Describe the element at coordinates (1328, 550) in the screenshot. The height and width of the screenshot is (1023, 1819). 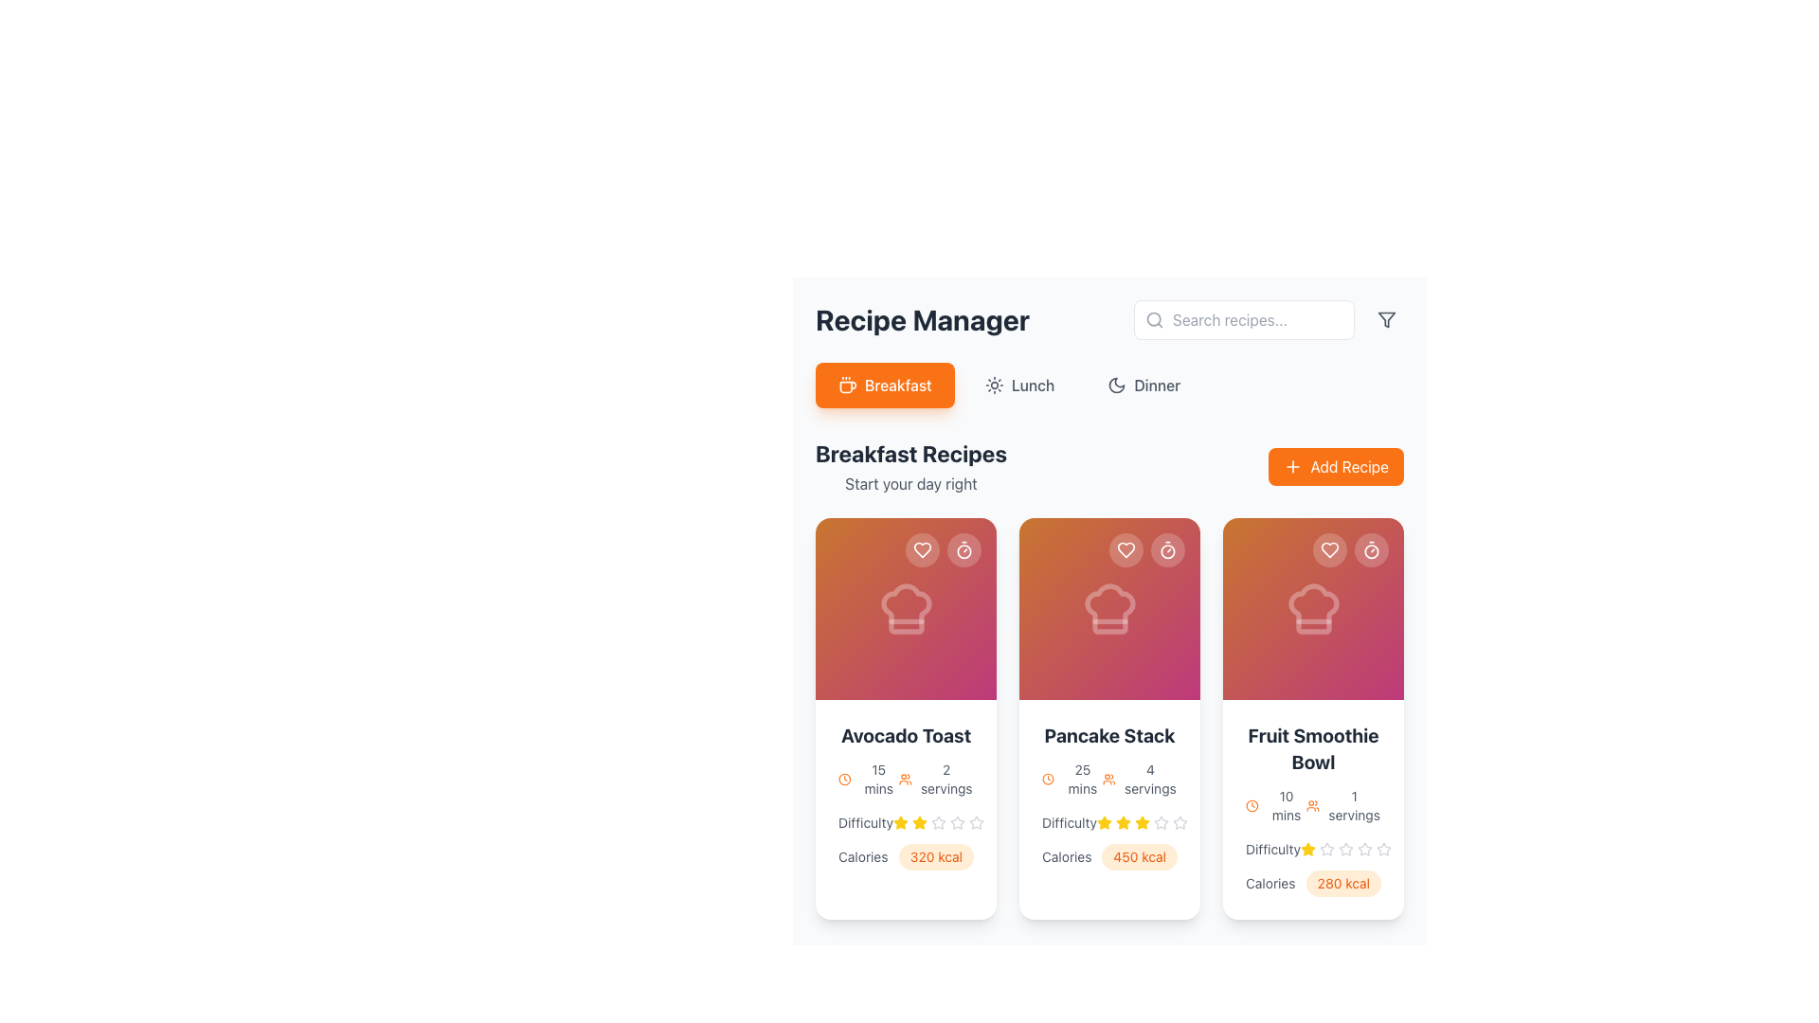
I see `the leftmost circular button in the top-right of the third recipe card to change its background color` at that location.